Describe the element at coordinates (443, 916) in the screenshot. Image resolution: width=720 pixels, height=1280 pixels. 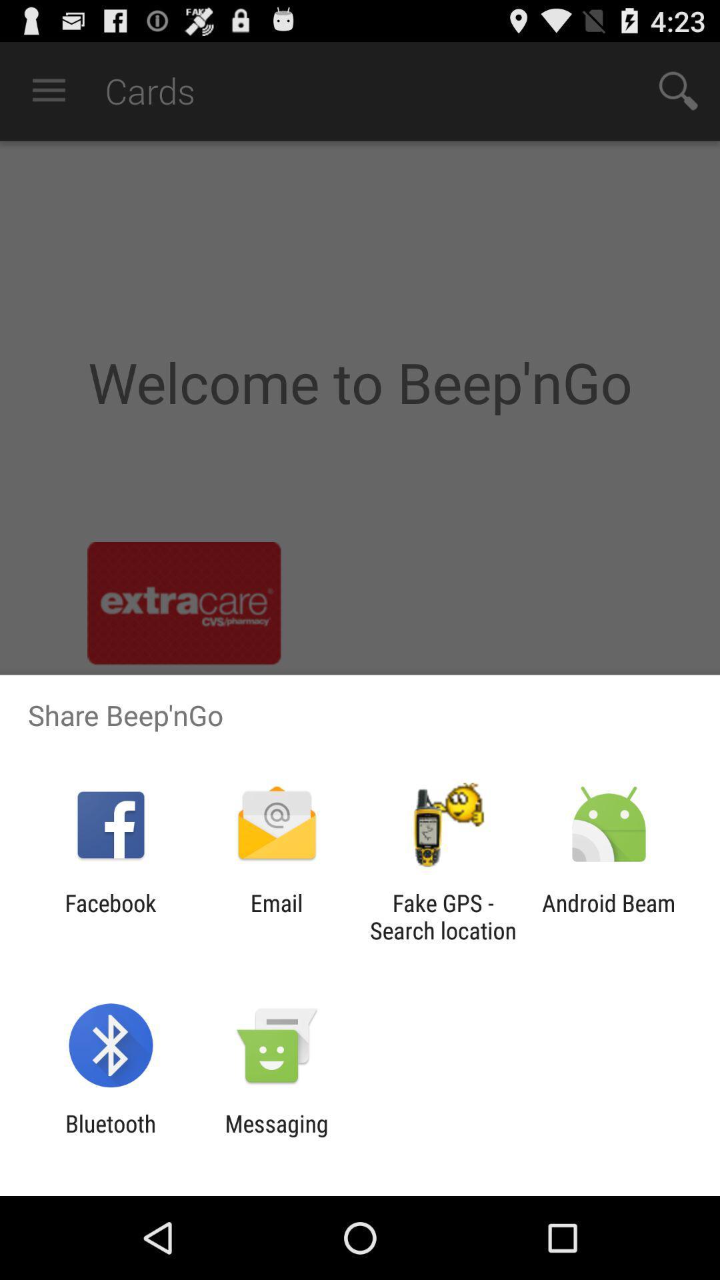
I see `app next to email icon` at that location.